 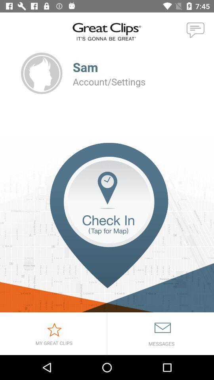 I want to click on the chat icon, so click(x=195, y=30).